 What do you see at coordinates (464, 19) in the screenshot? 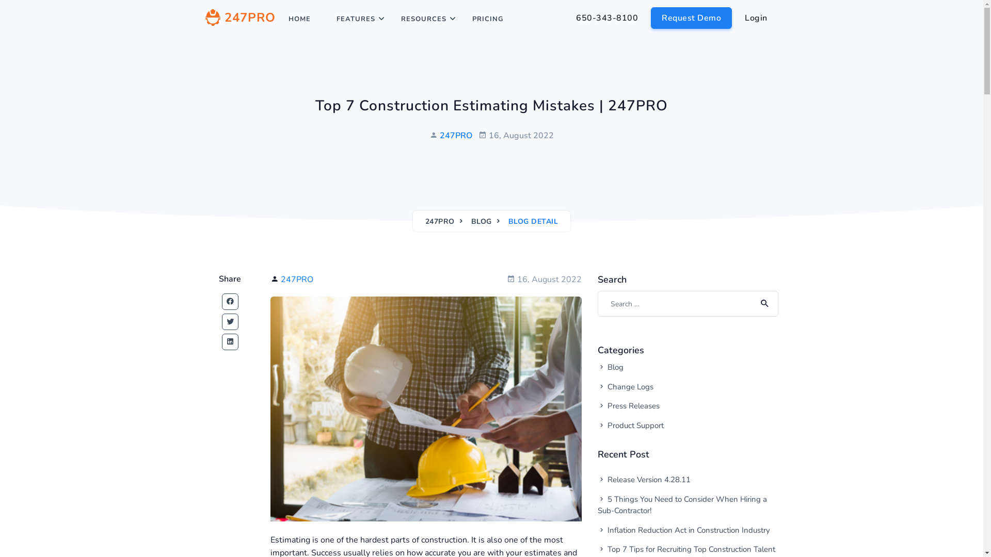
I see `'PRICING'` at bounding box center [464, 19].